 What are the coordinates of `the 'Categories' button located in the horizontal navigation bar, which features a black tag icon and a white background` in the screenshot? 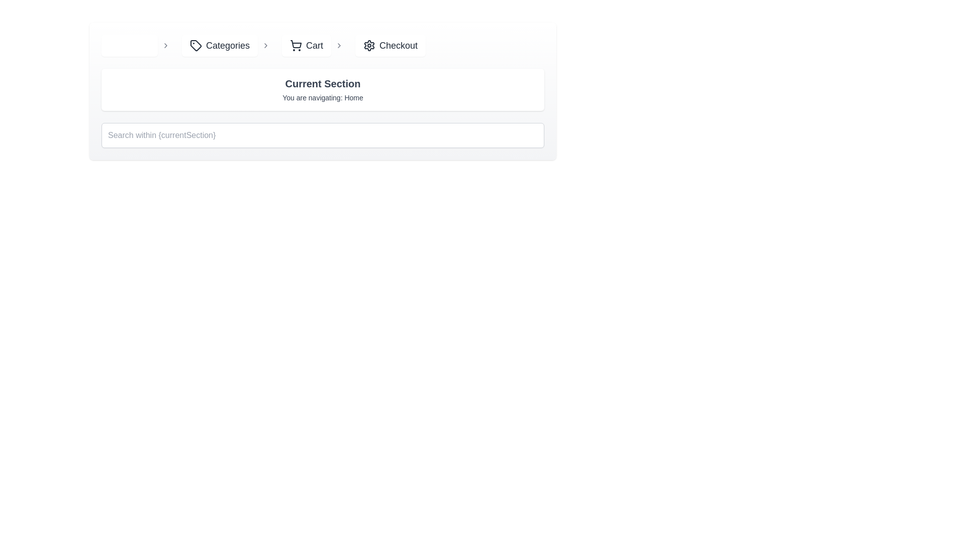 It's located at (219, 46).